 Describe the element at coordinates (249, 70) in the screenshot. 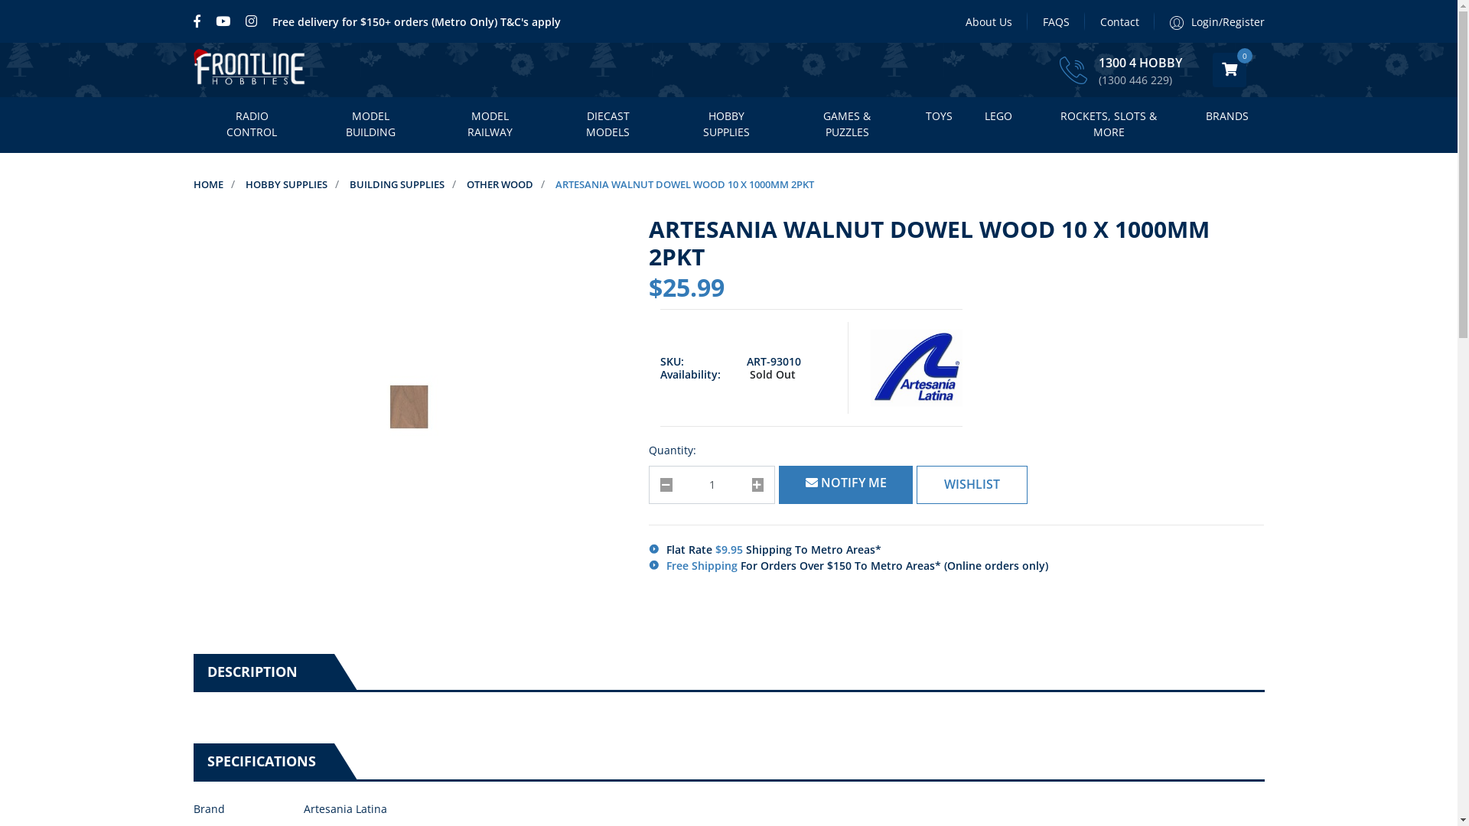

I see `'Frontline Hobbies'` at that location.